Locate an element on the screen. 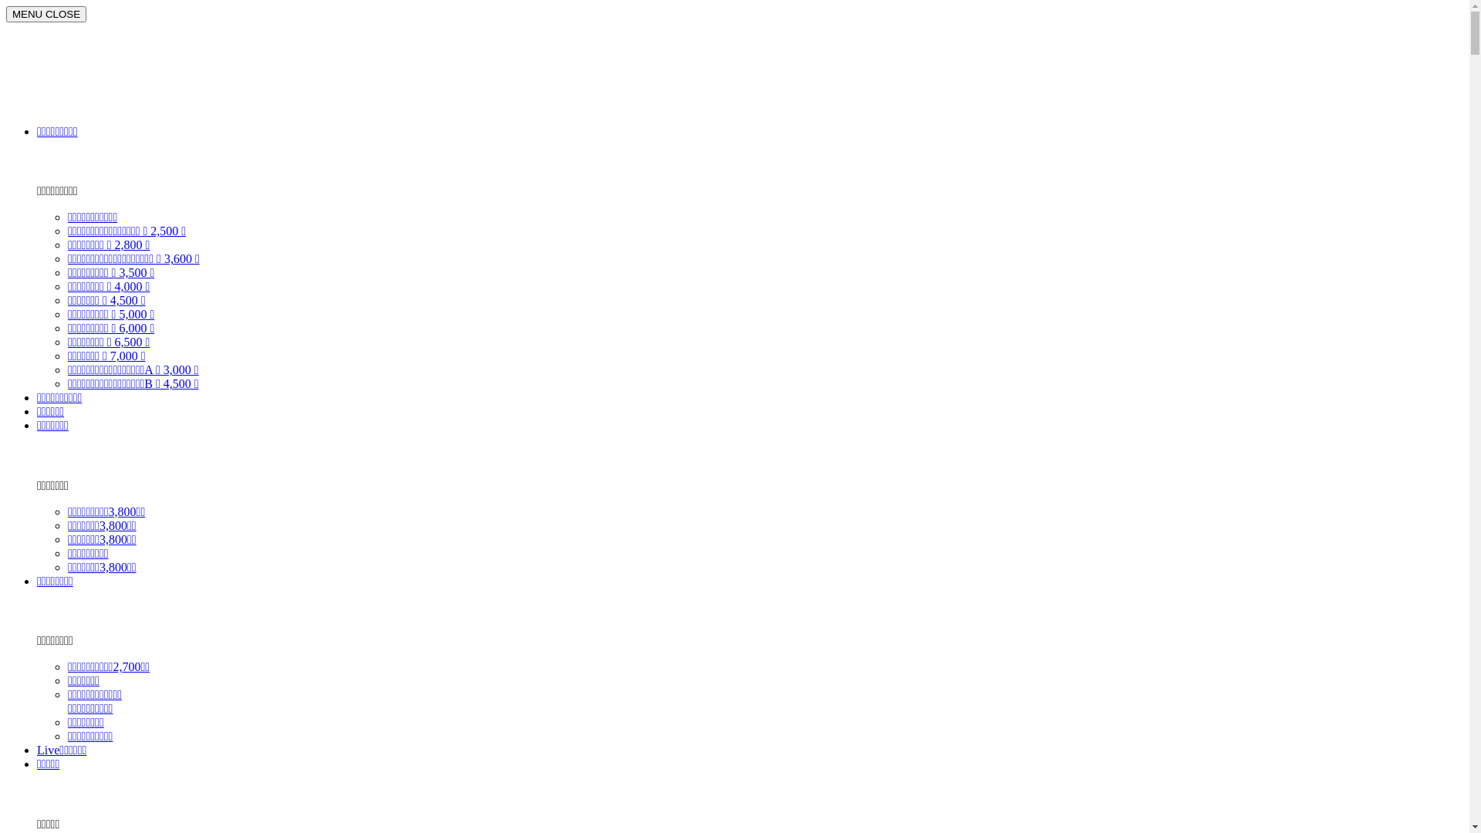 This screenshot has width=1481, height=833. 'MENU CLOSE' is located at coordinates (6, 14).